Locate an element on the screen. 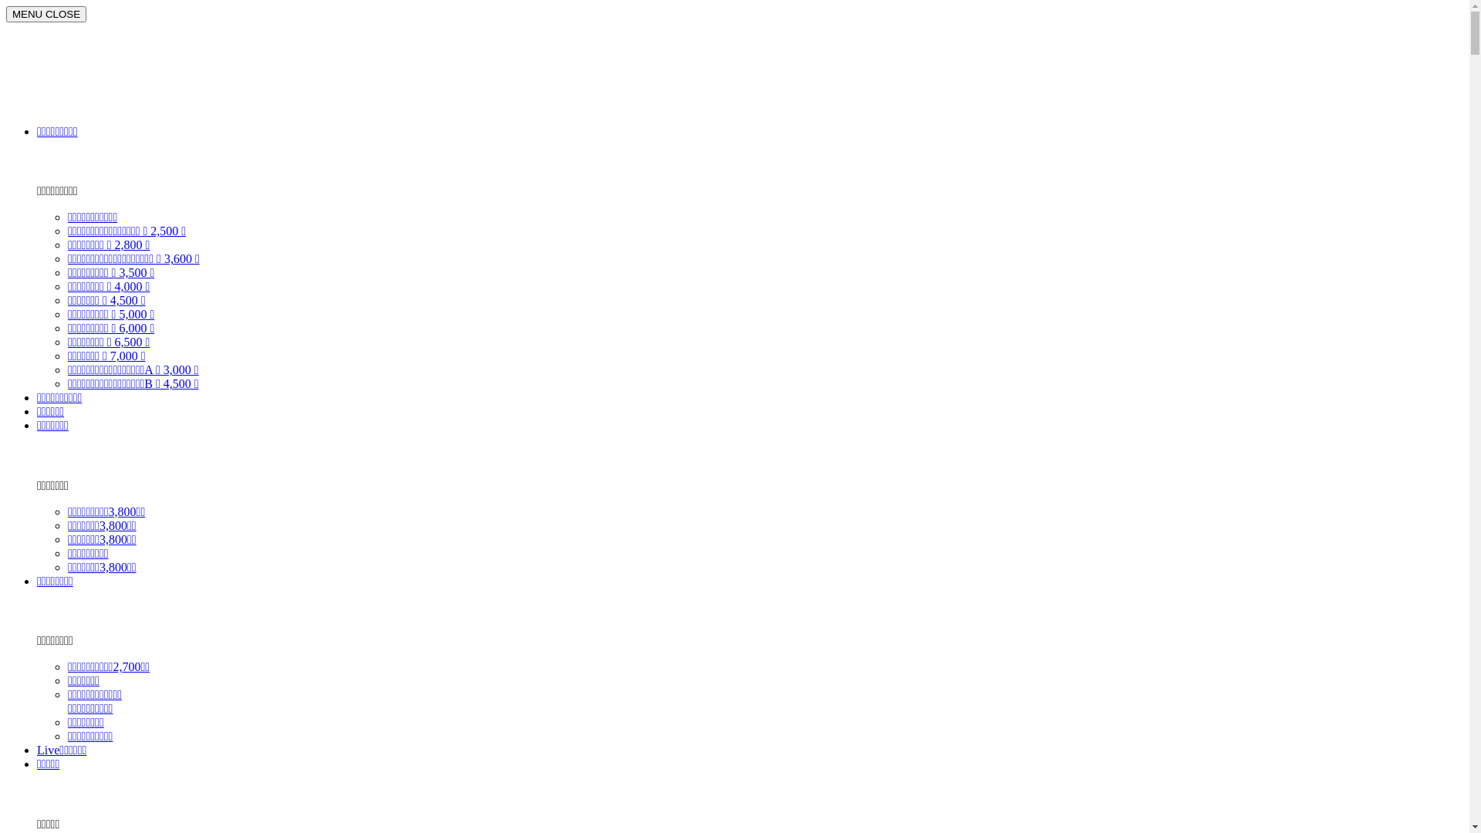 This screenshot has width=1481, height=833. 'MENU CLOSE' is located at coordinates (6, 14).